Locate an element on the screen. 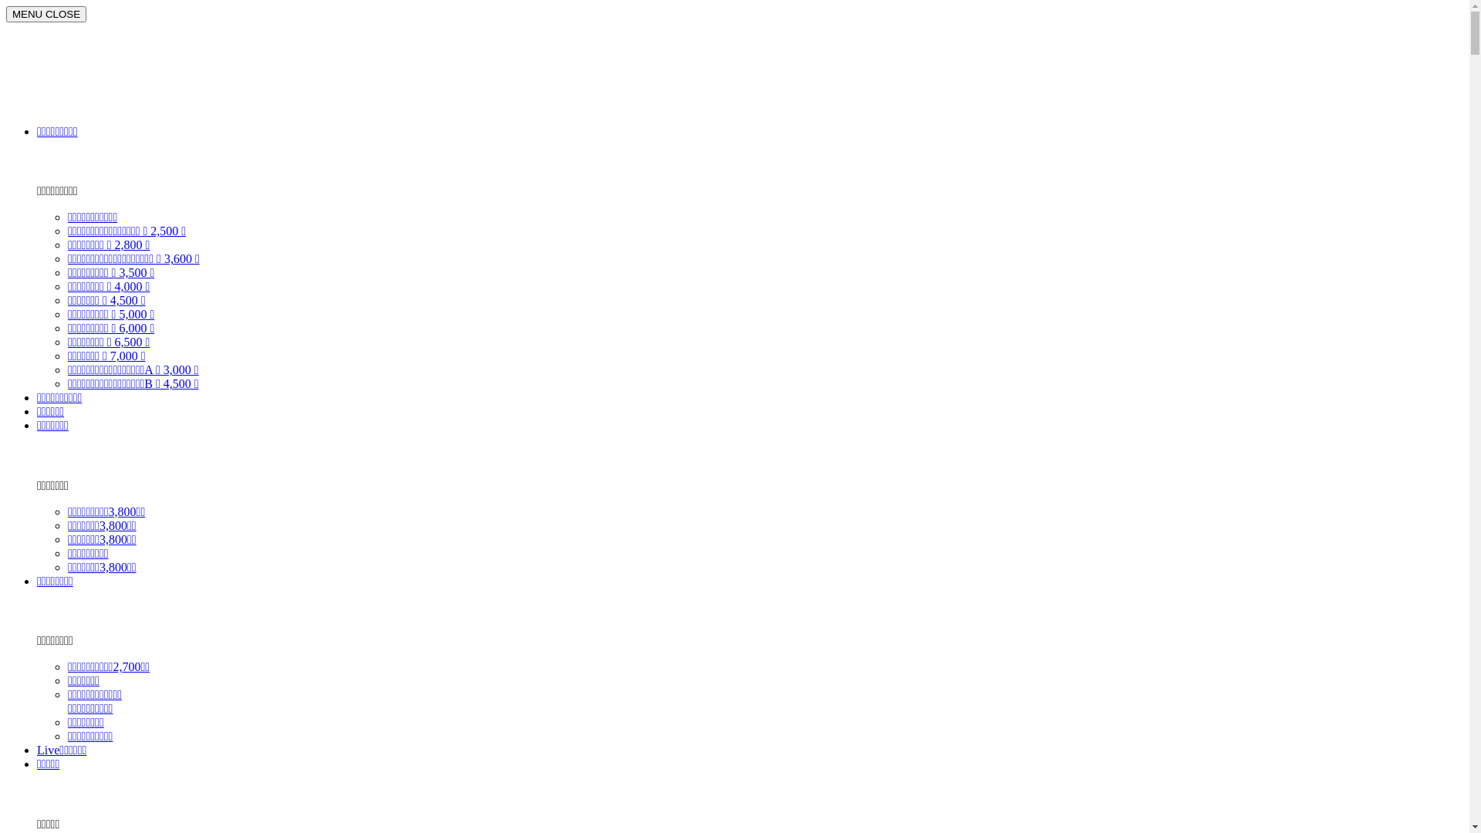 This screenshot has width=1481, height=833. 'MENU CLOSE' is located at coordinates (6, 14).